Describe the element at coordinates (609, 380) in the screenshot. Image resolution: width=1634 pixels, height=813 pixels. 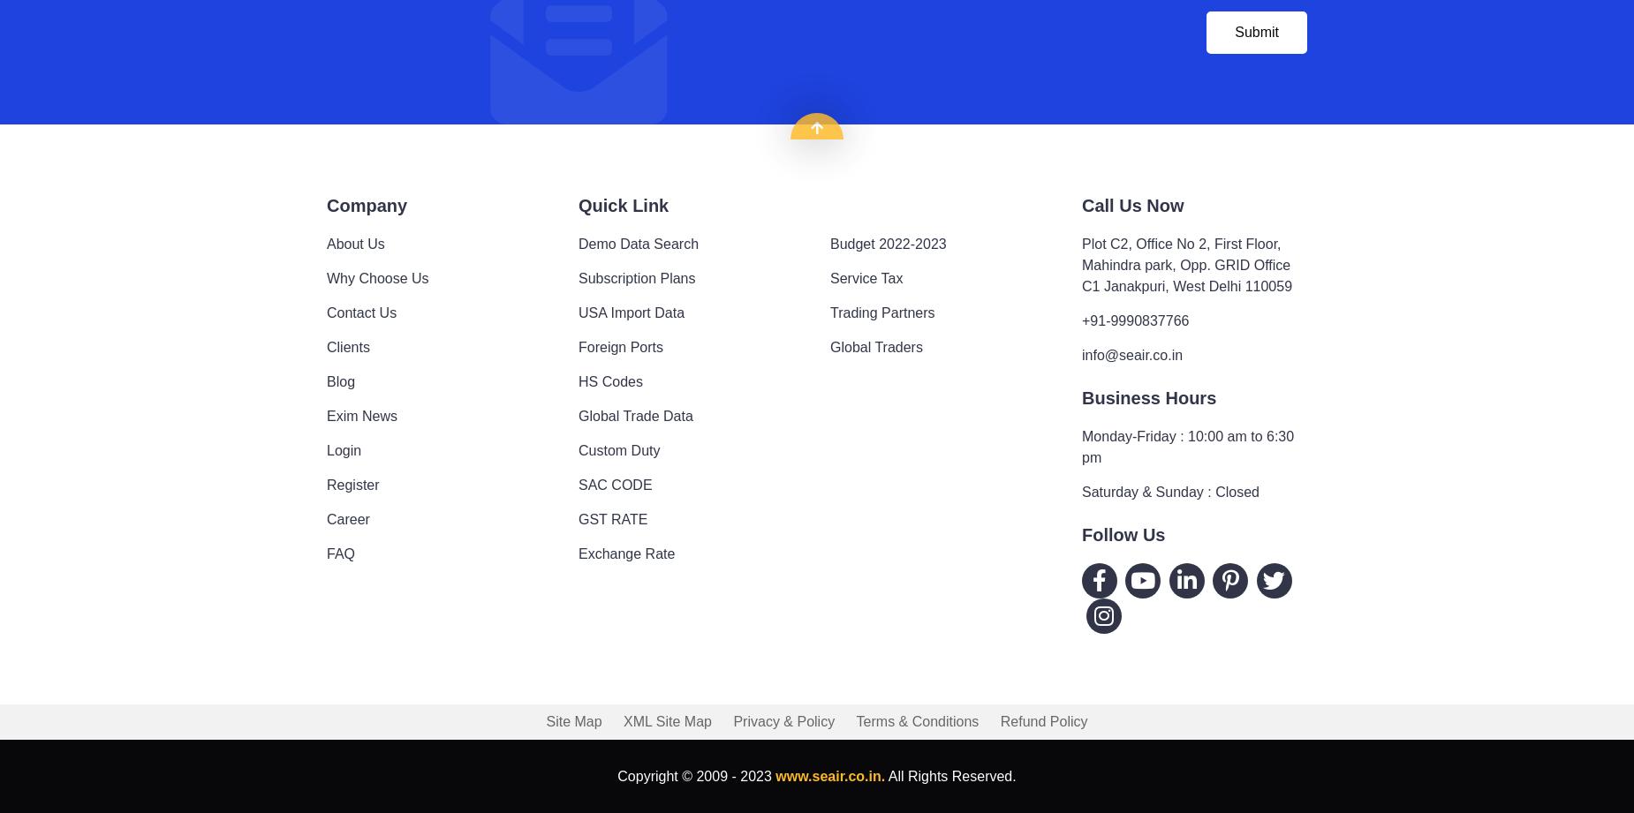
I see `'HS Codes'` at that location.